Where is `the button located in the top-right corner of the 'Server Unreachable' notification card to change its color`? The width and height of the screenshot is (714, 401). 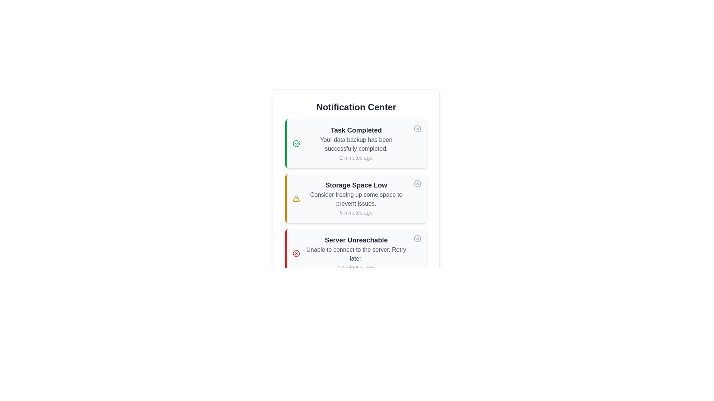
the button located in the top-right corner of the 'Server Unreachable' notification card to change its color is located at coordinates (418, 239).